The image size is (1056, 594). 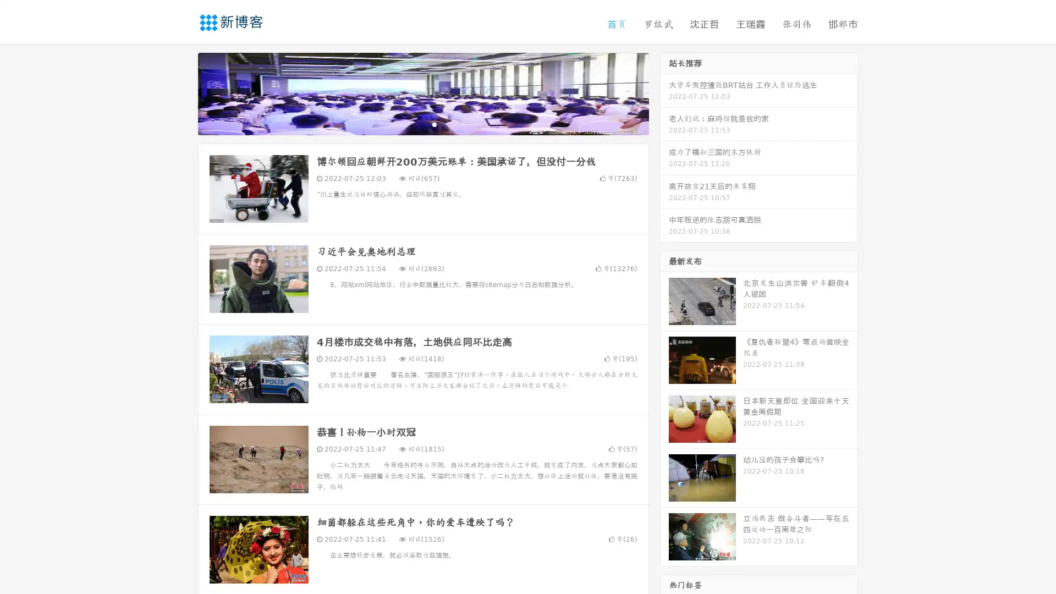 I want to click on Previous slide, so click(x=182, y=92).